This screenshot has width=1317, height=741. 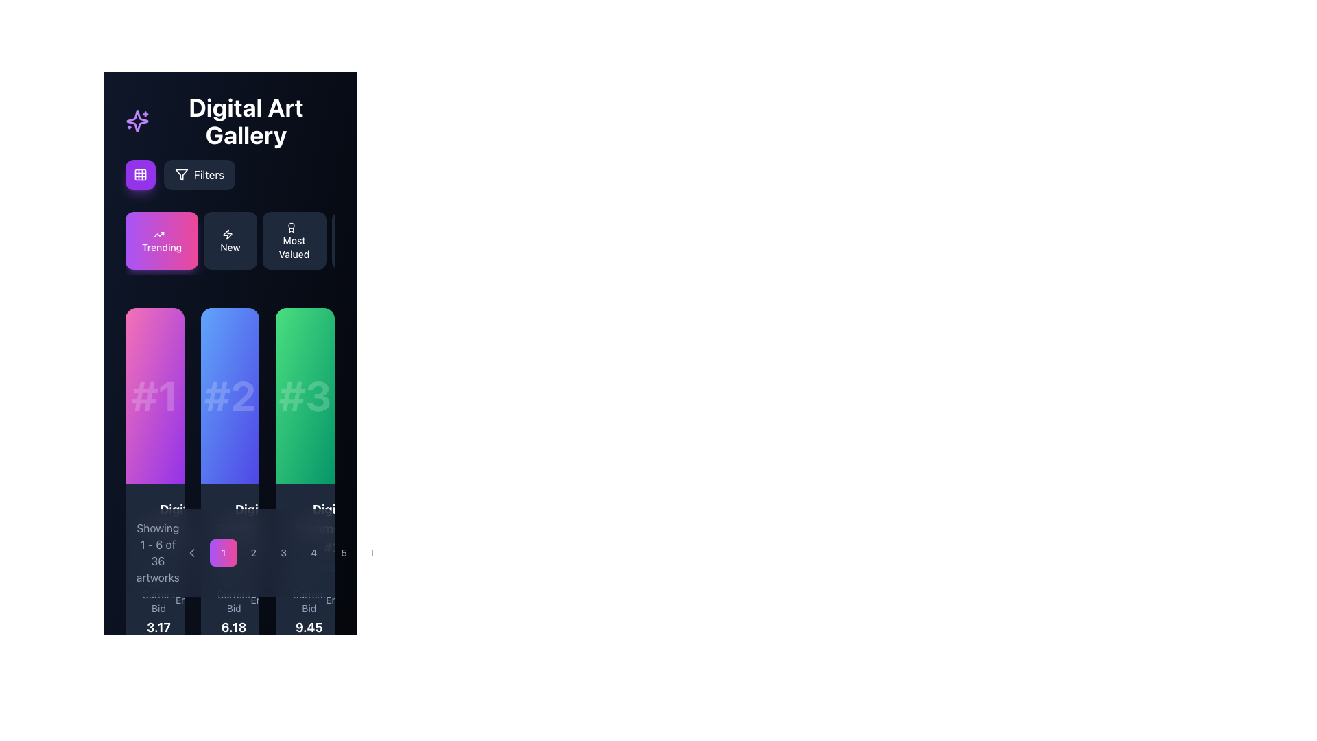 What do you see at coordinates (137, 121) in the screenshot?
I see `the decorative icon symbolizing creativity, located to the left of the 'Digital Art Gallery' title` at bounding box center [137, 121].